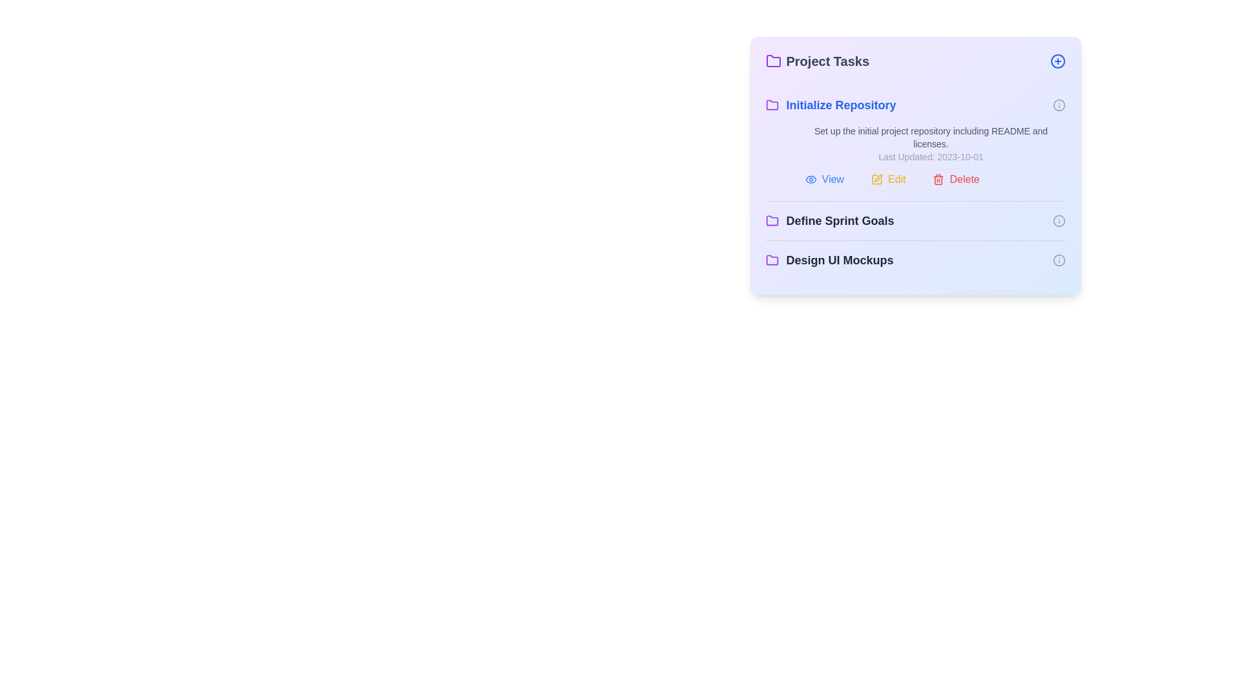 Image resolution: width=1241 pixels, height=698 pixels. What do you see at coordinates (878, 178) in the screenshot?
I see `the editing tool icon, which is represented by a slanted line intersecting a rectangle, located in the task management panel near the top-right corner of the interface` at bounding box center [878, 178].